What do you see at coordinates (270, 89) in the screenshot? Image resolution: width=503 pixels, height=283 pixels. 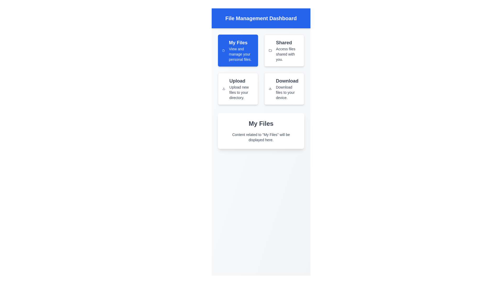 I see `the download icon located in the bottom-right of the main grid of tiles, positioned above the text 'Download files to your device.'` at bounding box center [270, 89].